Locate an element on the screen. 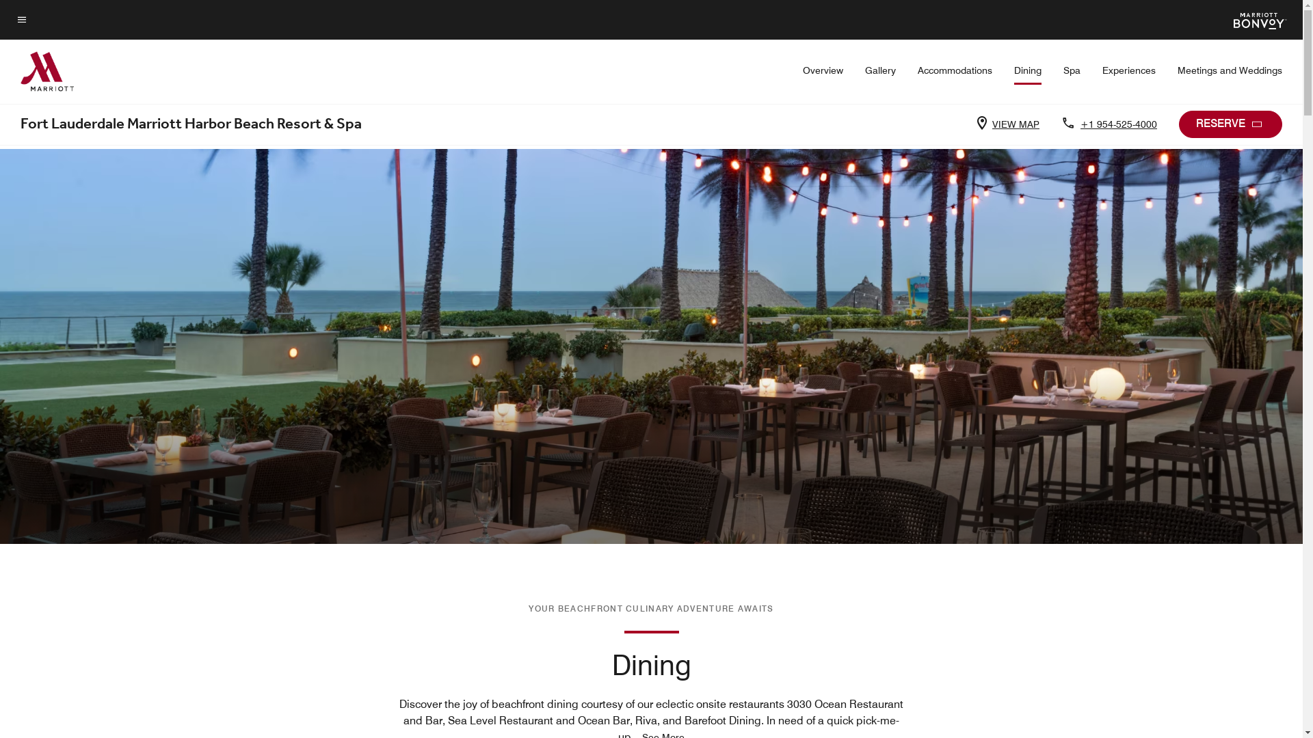 This screenshot has width=1313, height=738. 'Gallery' is located at coordinates (864, 70).